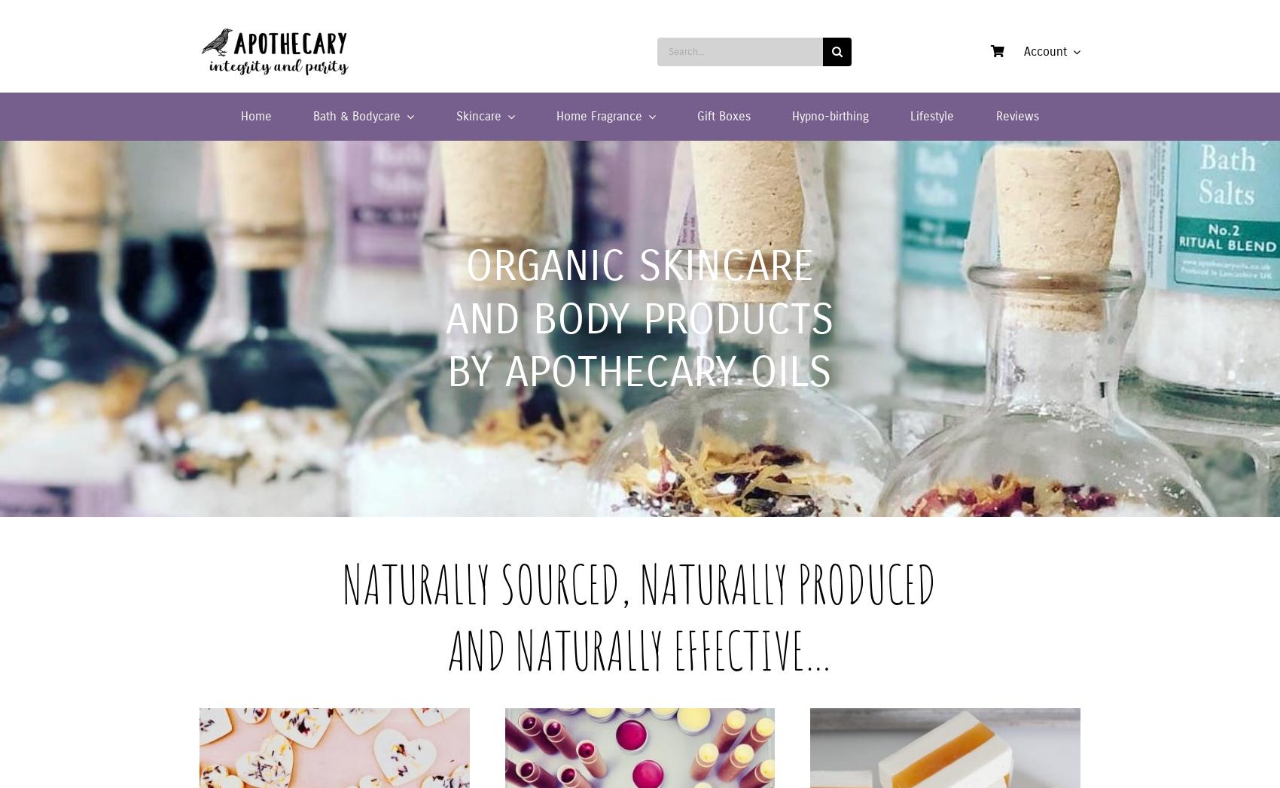 The image size is (1280, 788). I want to click on 'Register', so click(1015, 233).